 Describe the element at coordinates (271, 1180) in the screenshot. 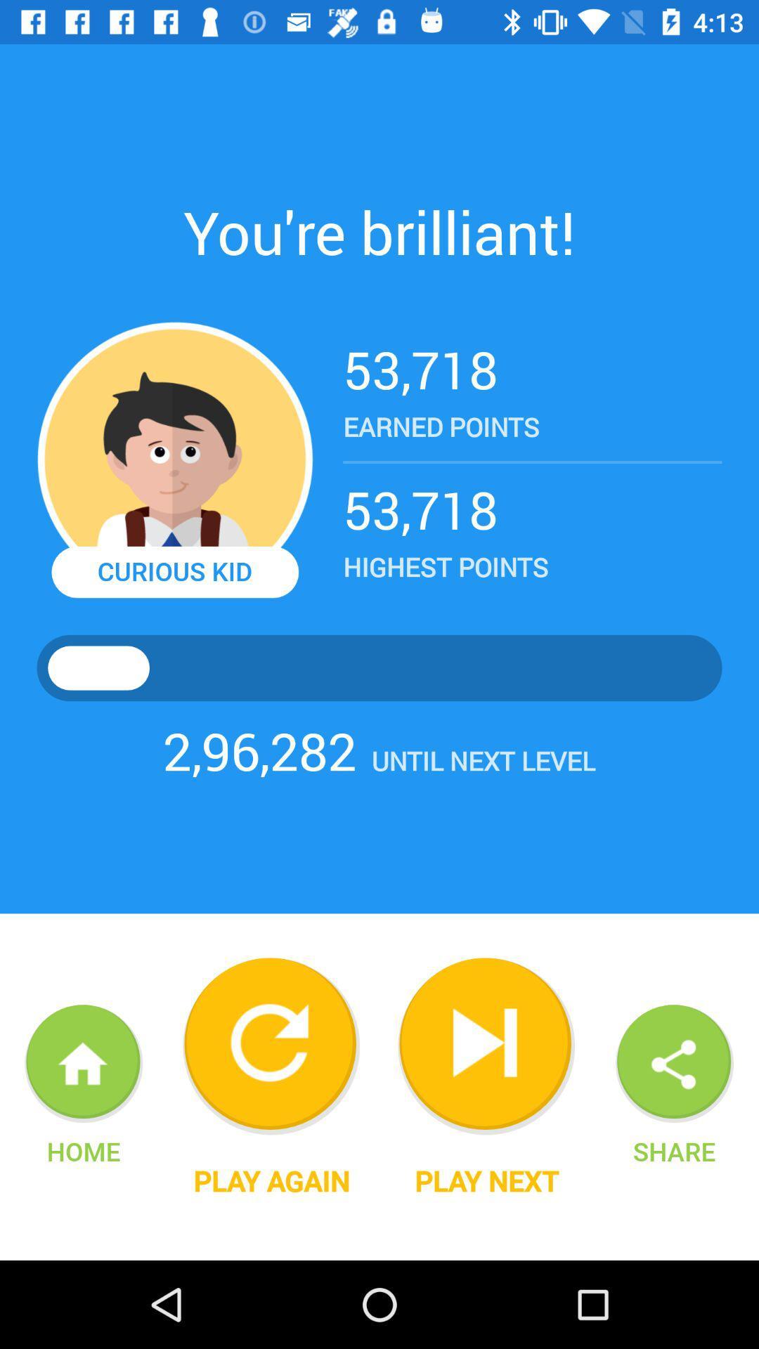

I see `play again item` at that location.